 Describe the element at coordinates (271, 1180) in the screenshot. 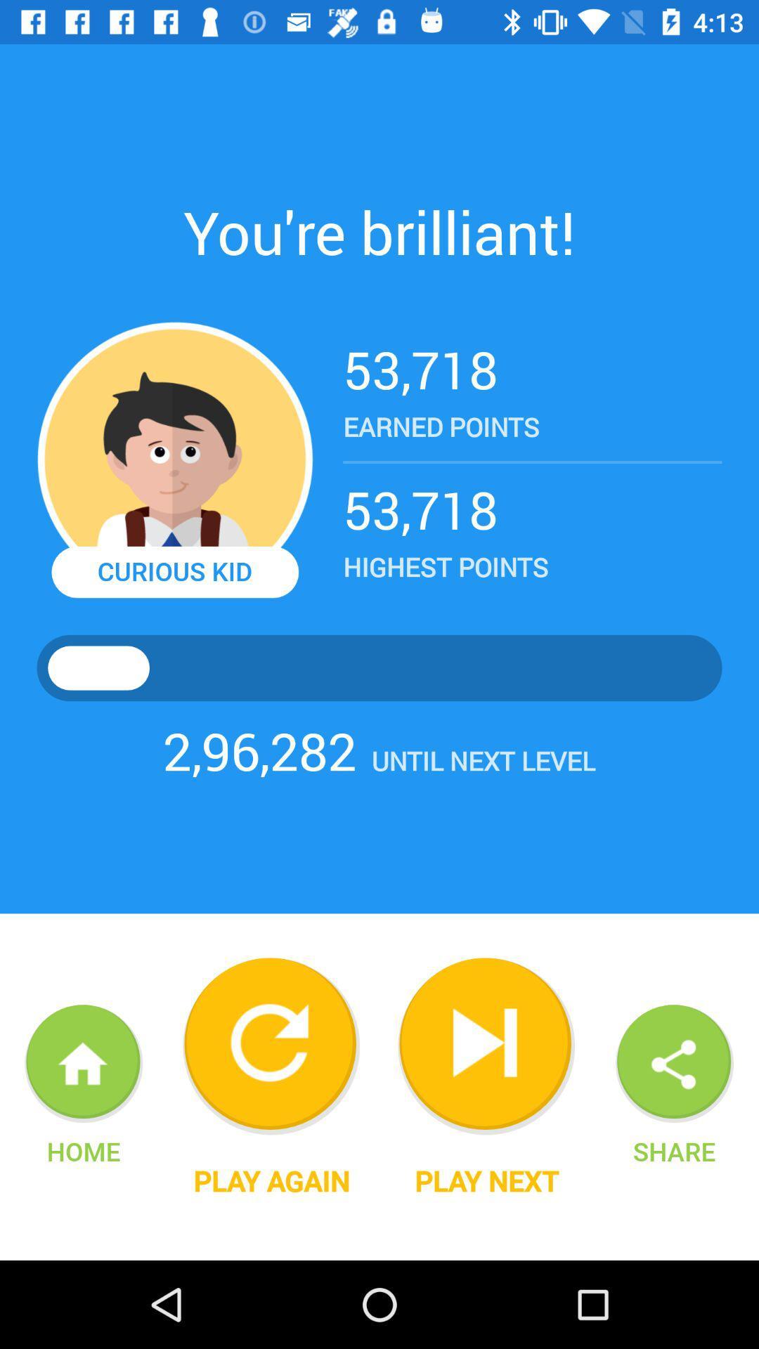

I see `play again item` at that location.